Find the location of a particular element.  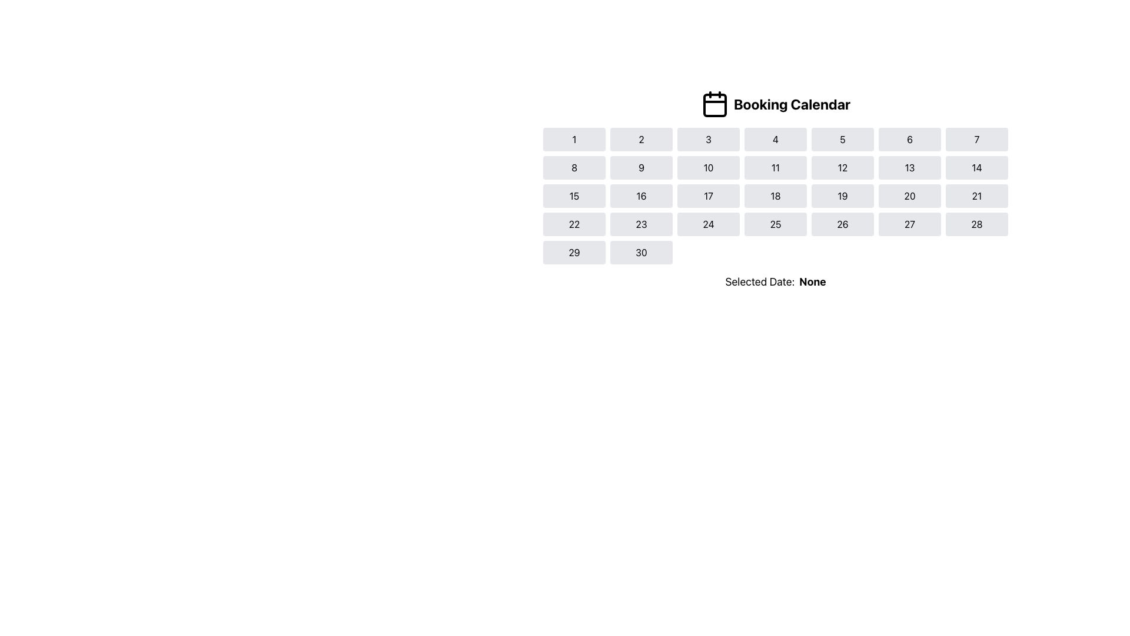

the selectable date button labeled '2' in the Booking Calendar interface, which is positioned between buttons '1' and '3' is located at coordinates (640, 138).